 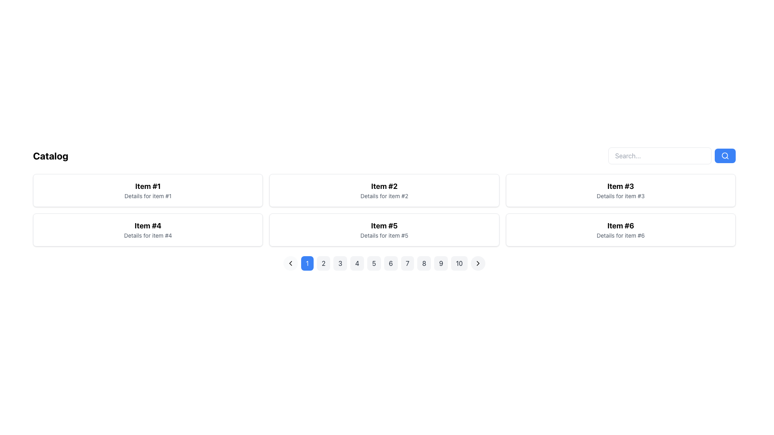 What do you see at coordinates (478, 263) in the screenshot?
I see `the right-pointing chevron icon in the pagination interface, which is located to the right of the number 10` at bounding box center [478, 263].